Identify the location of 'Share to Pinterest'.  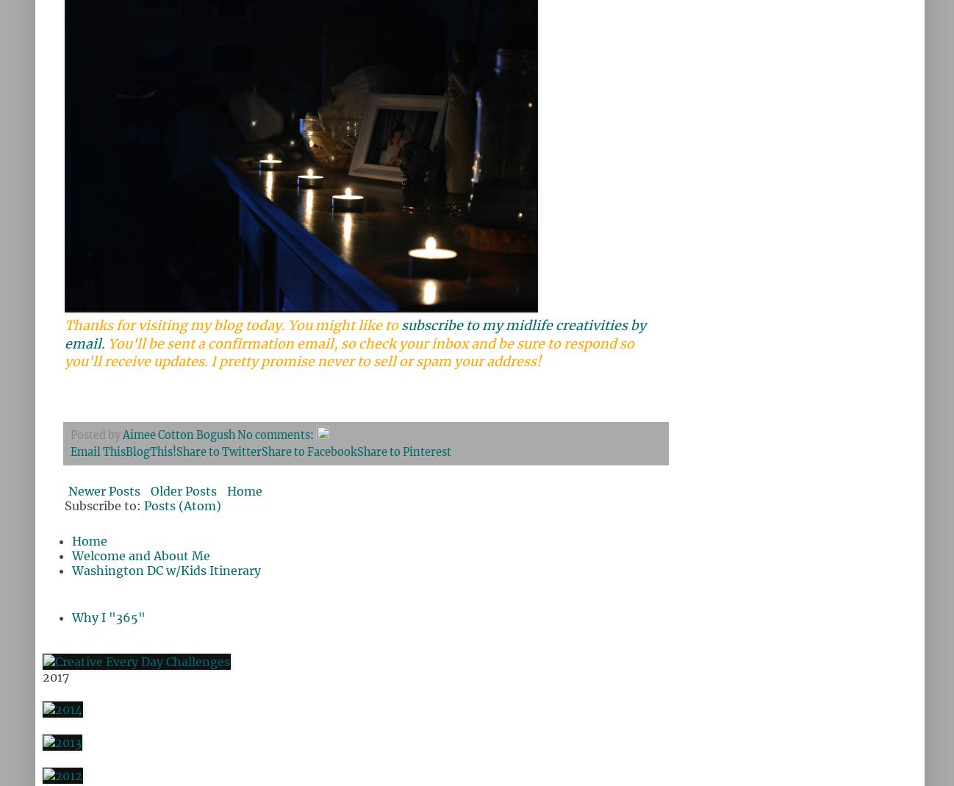
(403, 451).